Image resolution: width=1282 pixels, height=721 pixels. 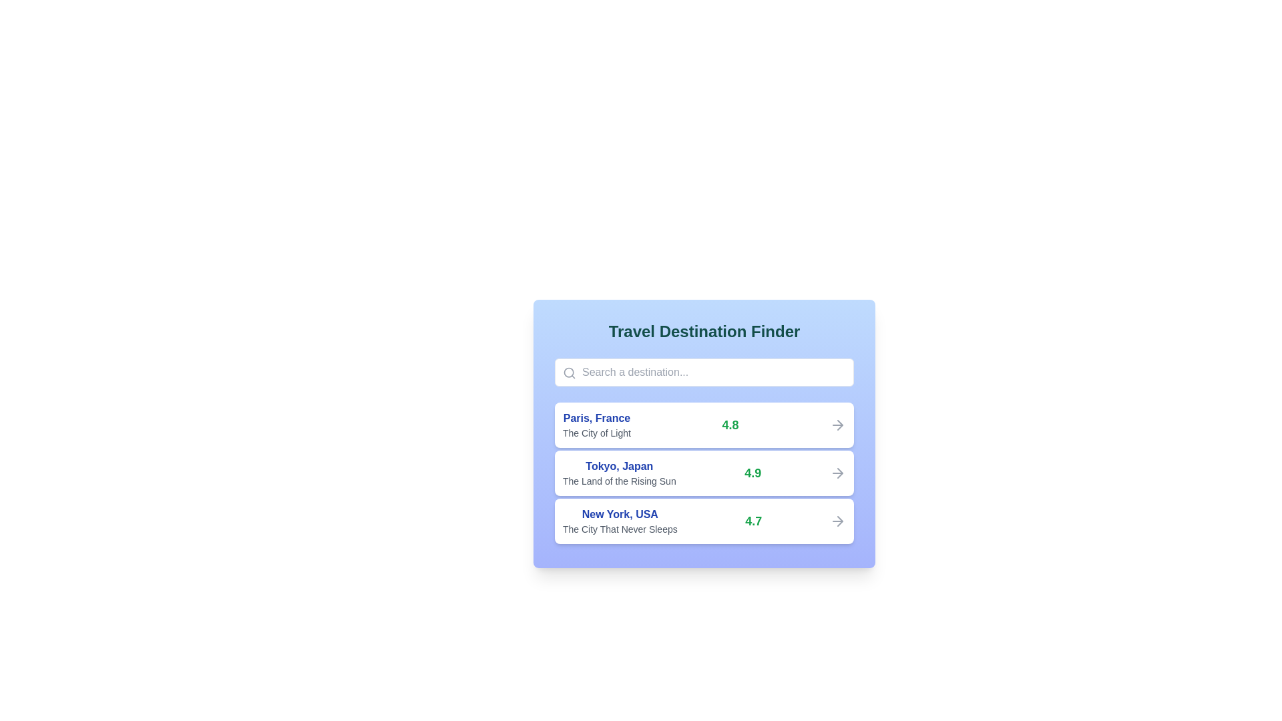 I want to click on the small triangular rightward arrowhead icon located near the right side of the second list item 'Tokyo, Japan', so click(x=839, y=473).